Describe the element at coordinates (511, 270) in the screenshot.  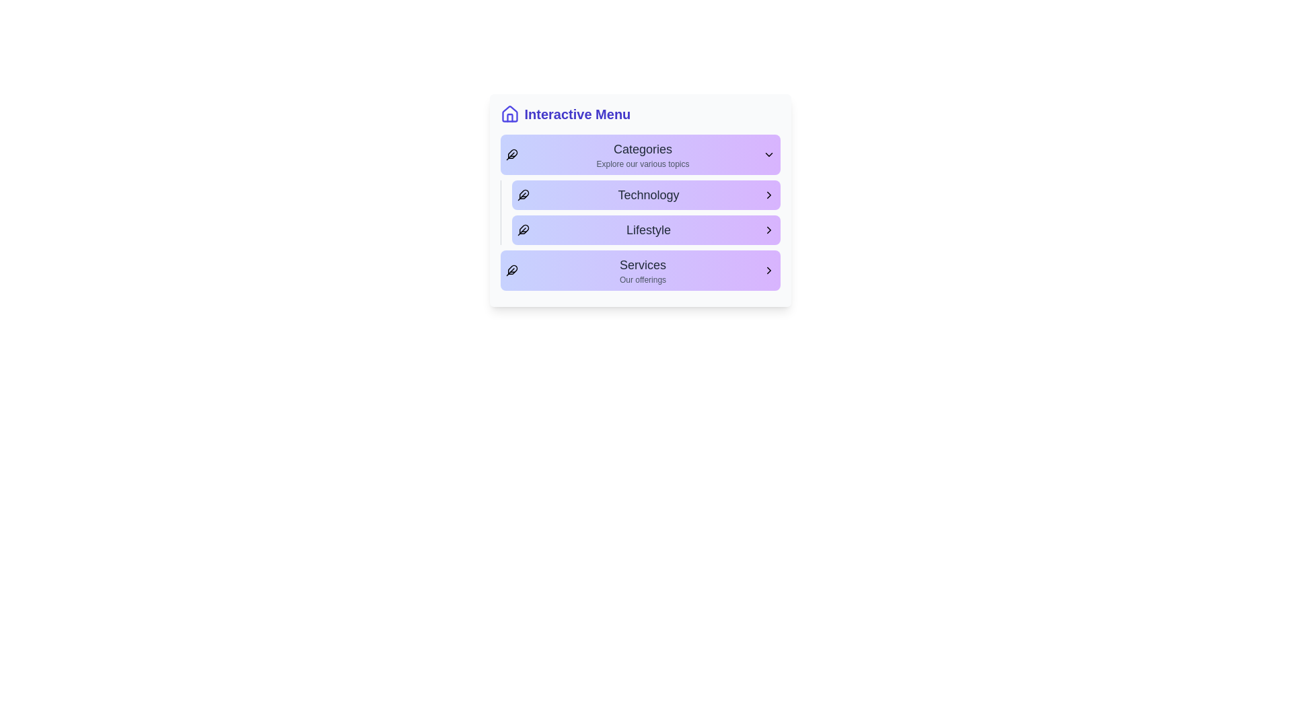
I see `the decorative feather-shaped icon located at the far left of the 'Services' menu option in the interactive menu` at that location.